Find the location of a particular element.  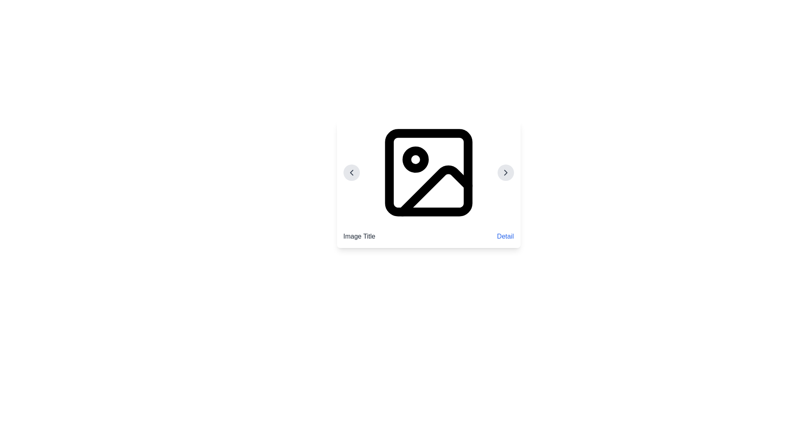

the icon located in the middle right of the card with 'Image Title' and 'Detail' is located at coordinates (505, 172).